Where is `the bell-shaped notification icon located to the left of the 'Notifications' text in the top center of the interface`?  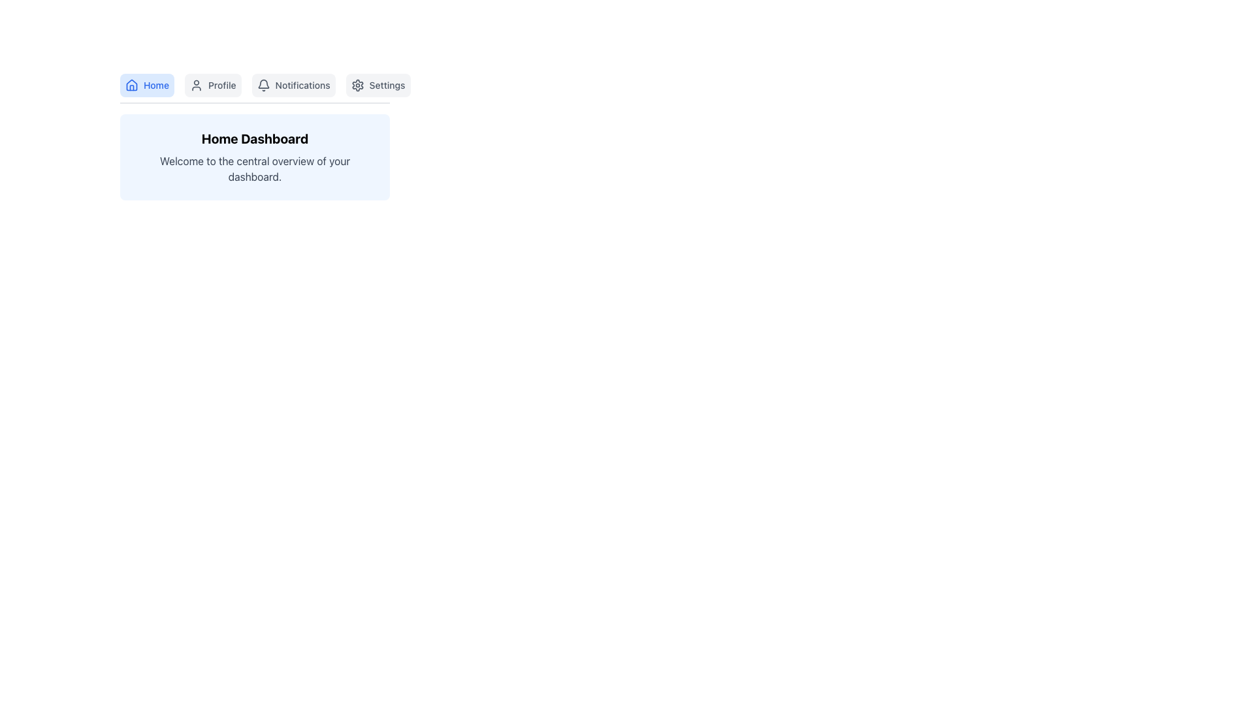
the bell-shaped notification icon located to the left of the 'Notifications' text in the top center of the interface is located at coordinates (263, 86).